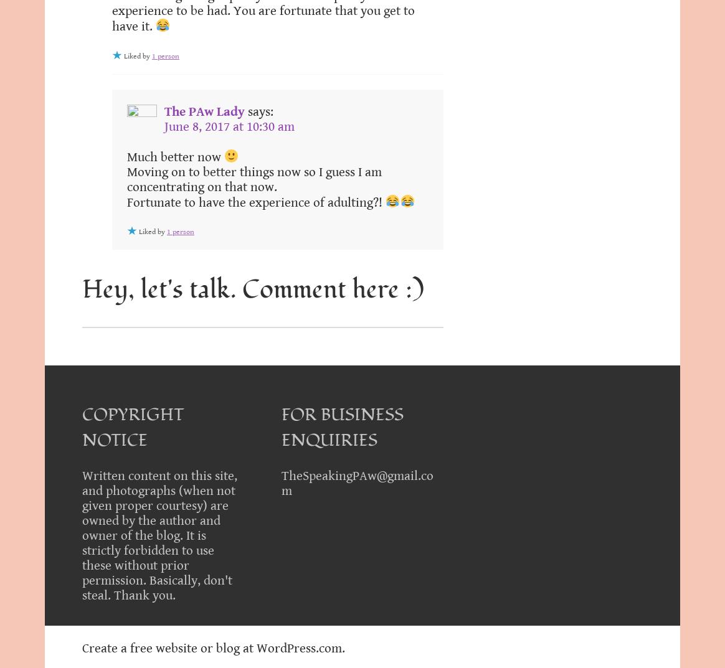 The height and width of the screenshot is (668, 725). What do you see at coordinates (229, 126) in the screenshot?
I see `'June 8, 2017 at 10:30 am'` at bounding box center [229, 126].